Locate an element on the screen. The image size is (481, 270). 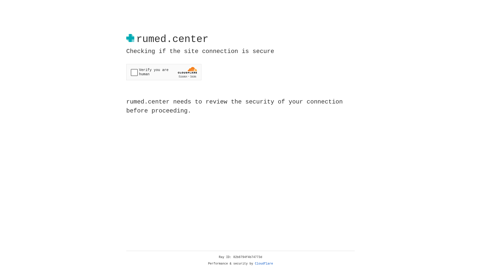
'Cloudflare' is located at coordinates (264, 263).